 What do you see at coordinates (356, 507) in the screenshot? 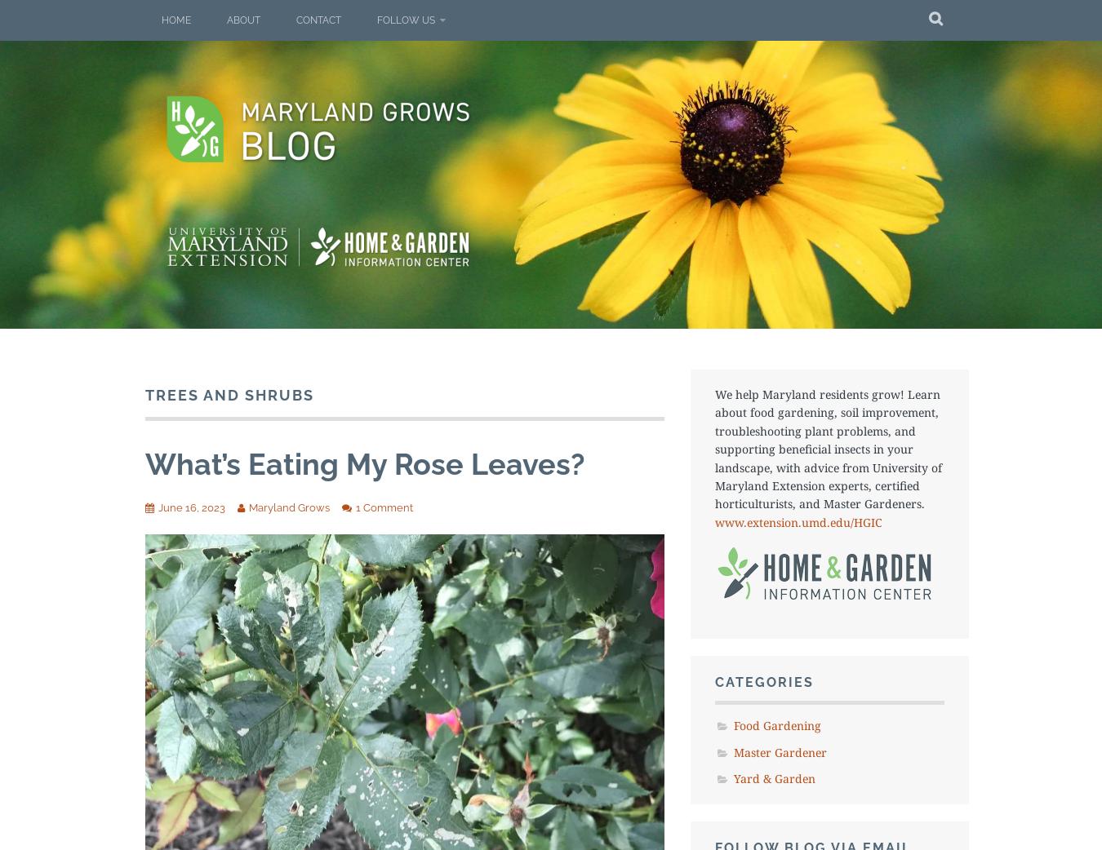
I see `'1 Comment'` at bounding box center [356, 507].